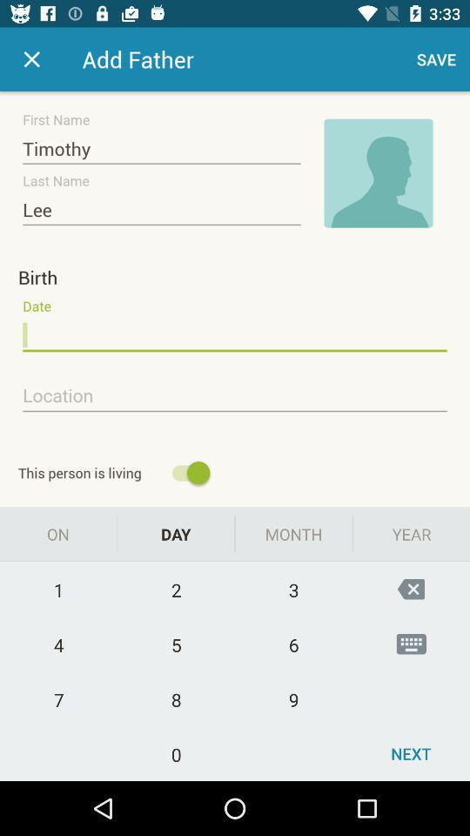  What do you see at coordinates (378, 173) in the screenshot?
I see `picture of contact` at bounding box center [378, 173].